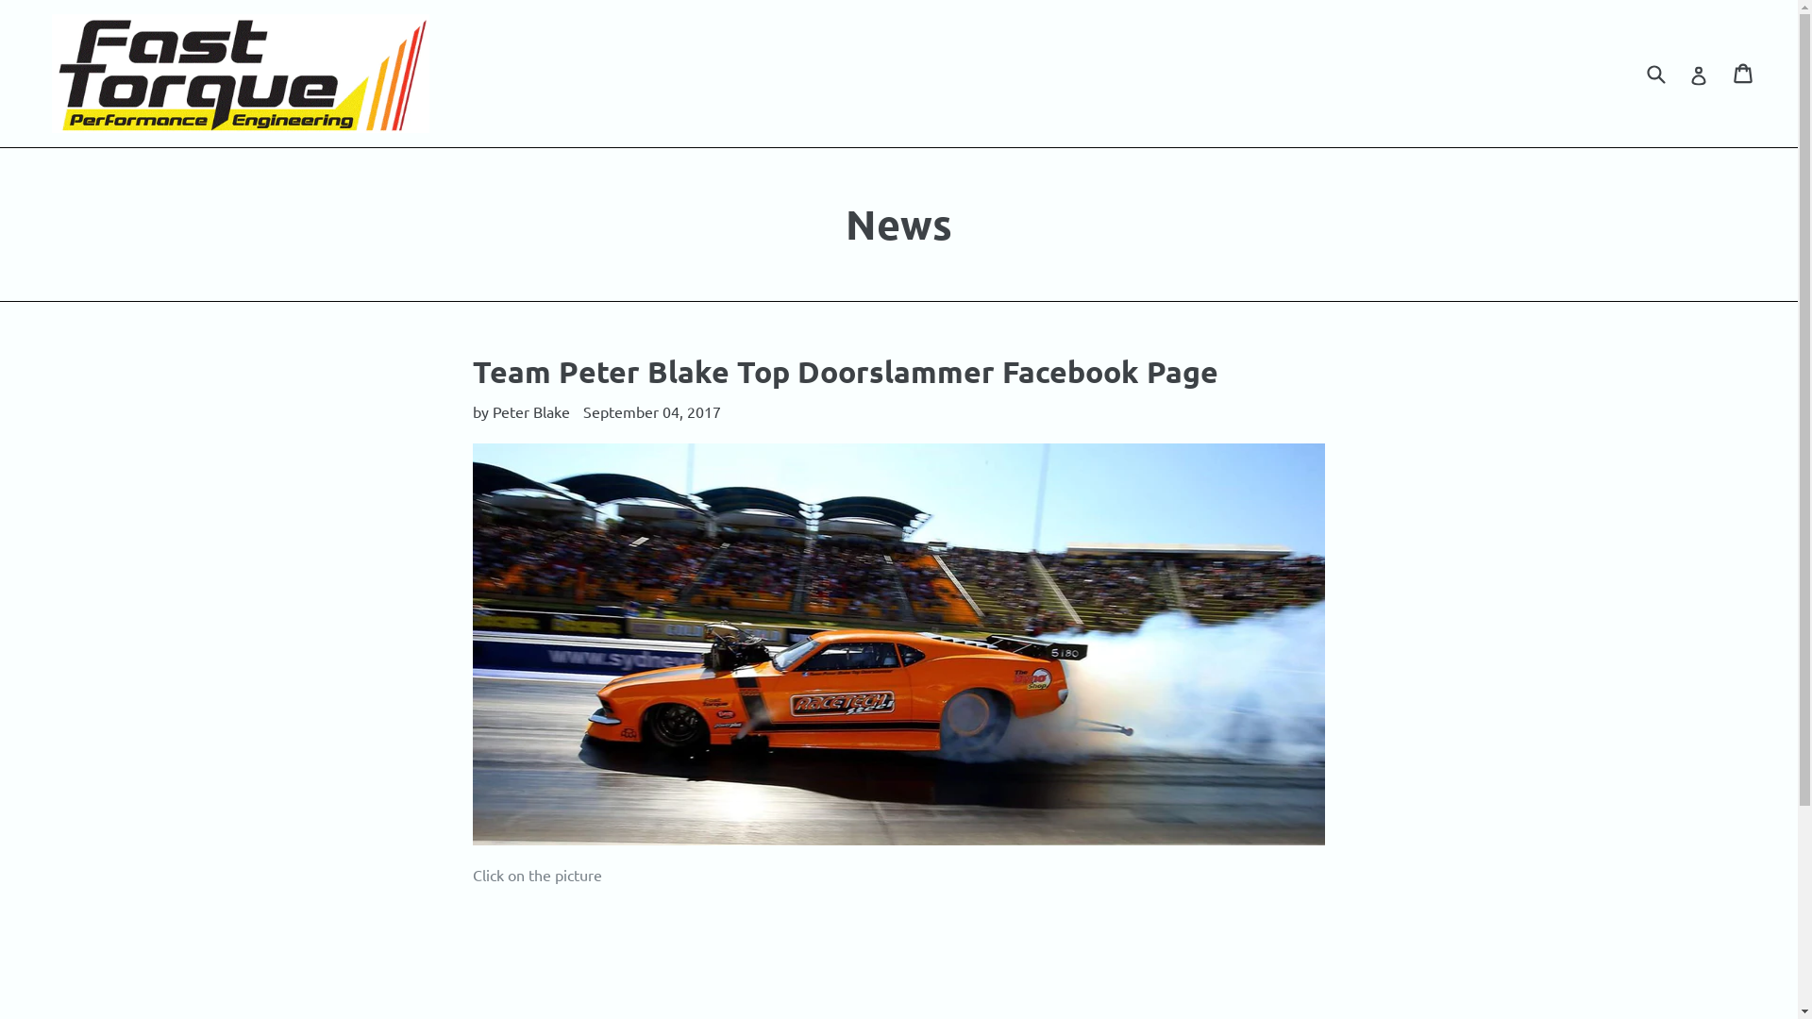 The width and height of the screenshot is (1812, 1019). What do you see at coordinates (845, 371) in the screenshot?
I see `'Team Peter Blake Top Doorslammer Facebook Page'` at bounding box center [845, 371].